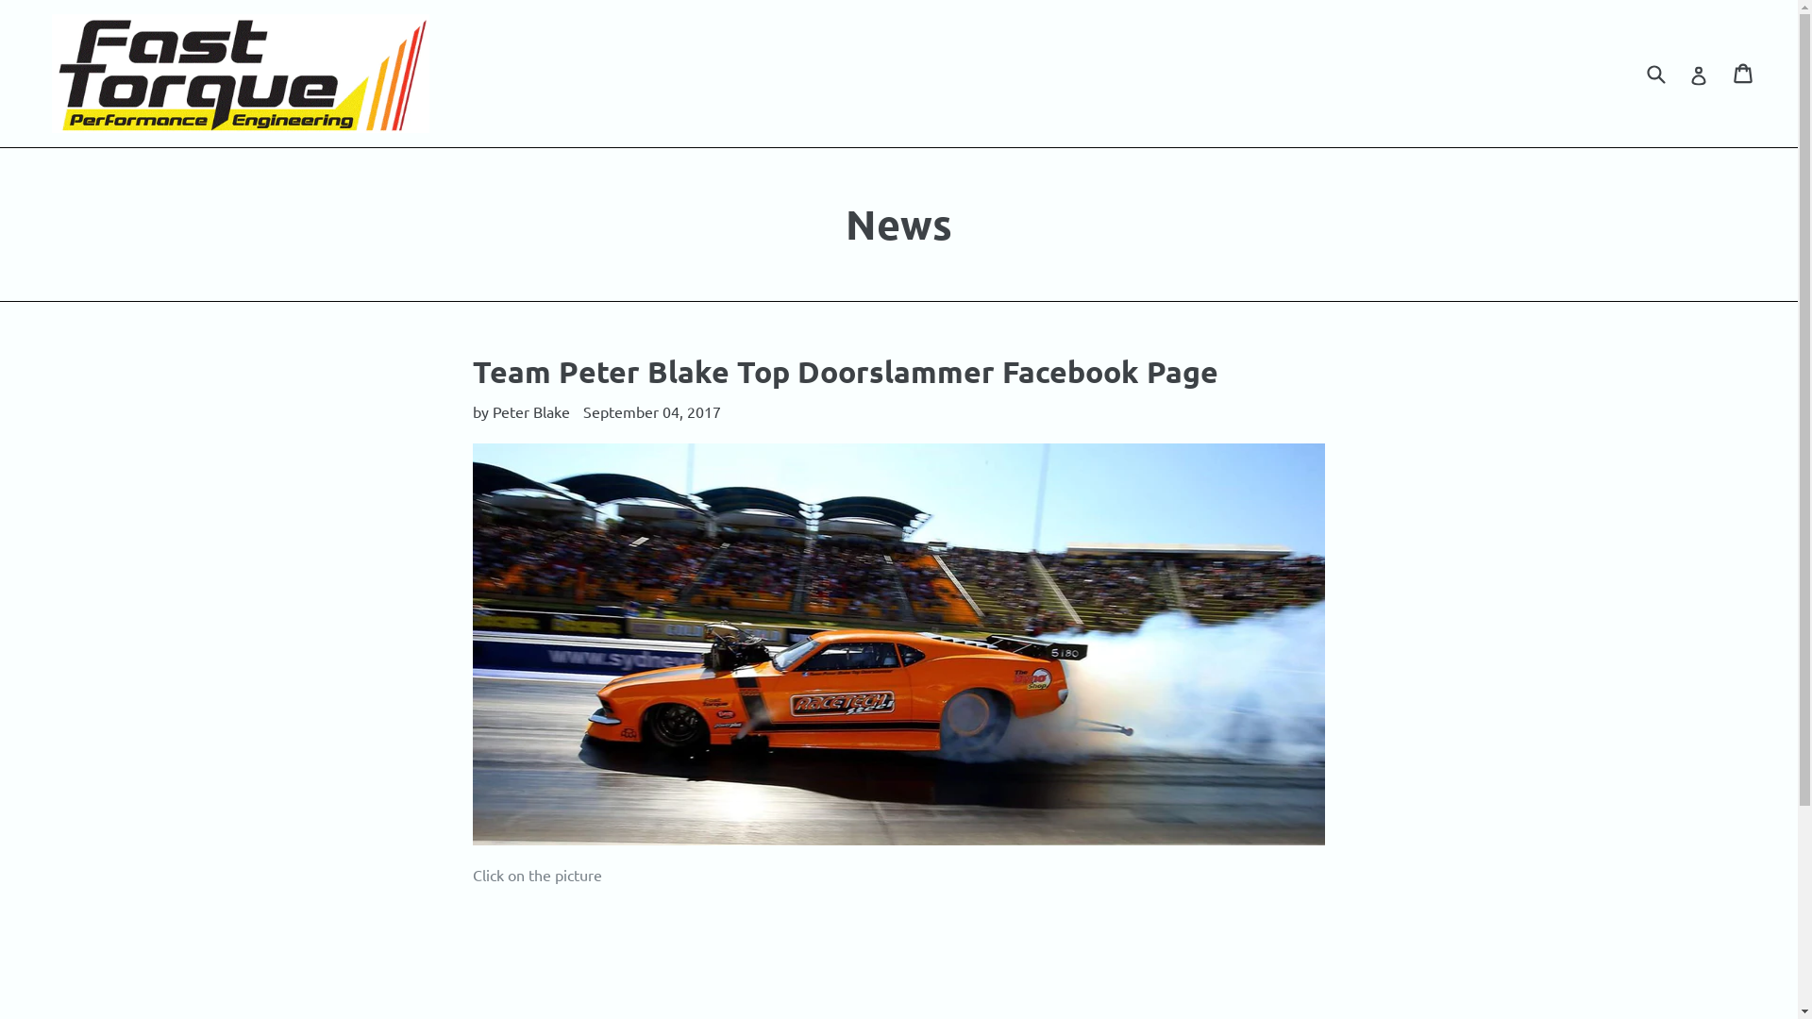 The width and height of the screenshot is (1812, 1019). What do you see at coordinates (845, 371) in the screenshot?
I see `'Team Peter Blake Top Doorslammer Facebook Page'` at bounding box center [845, 371].